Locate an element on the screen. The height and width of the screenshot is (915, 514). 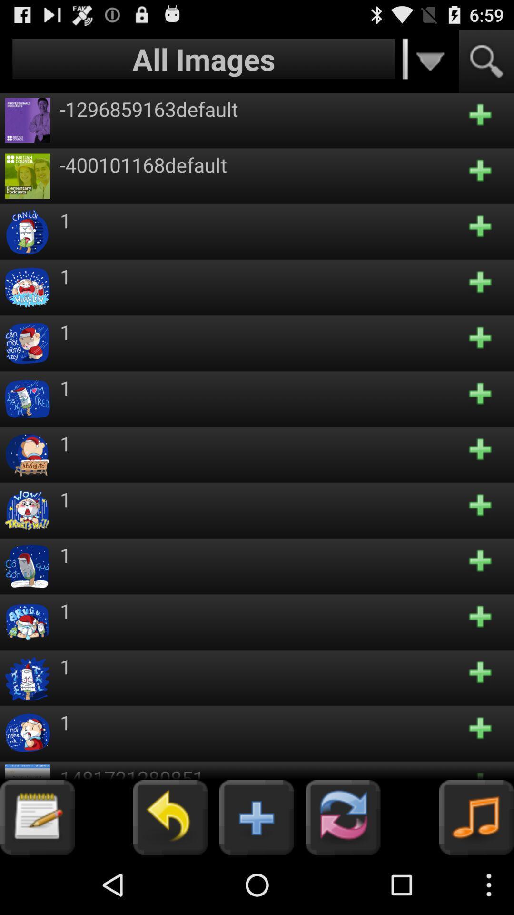
the refresh icon is located at coordinates (343, 874).